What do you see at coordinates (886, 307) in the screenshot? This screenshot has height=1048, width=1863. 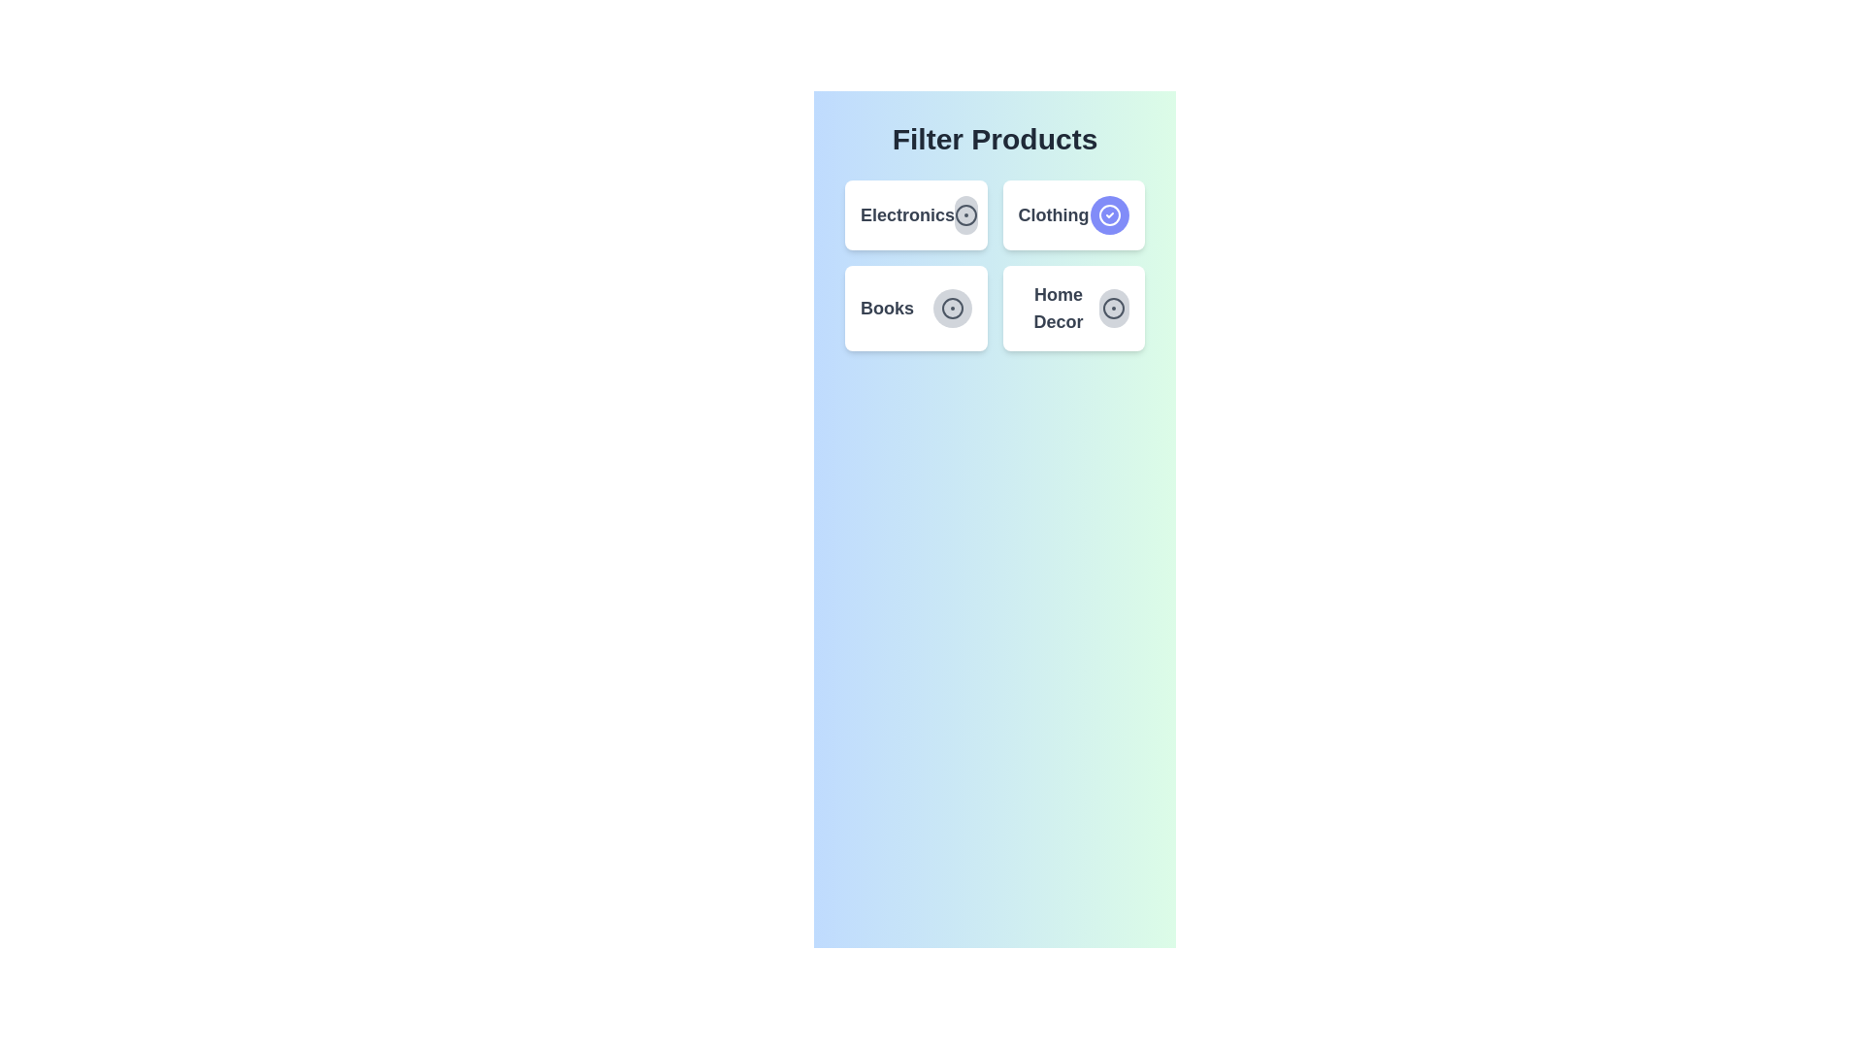 I see `the category text label Books by clicking on it` at bounding box center [886, 307].